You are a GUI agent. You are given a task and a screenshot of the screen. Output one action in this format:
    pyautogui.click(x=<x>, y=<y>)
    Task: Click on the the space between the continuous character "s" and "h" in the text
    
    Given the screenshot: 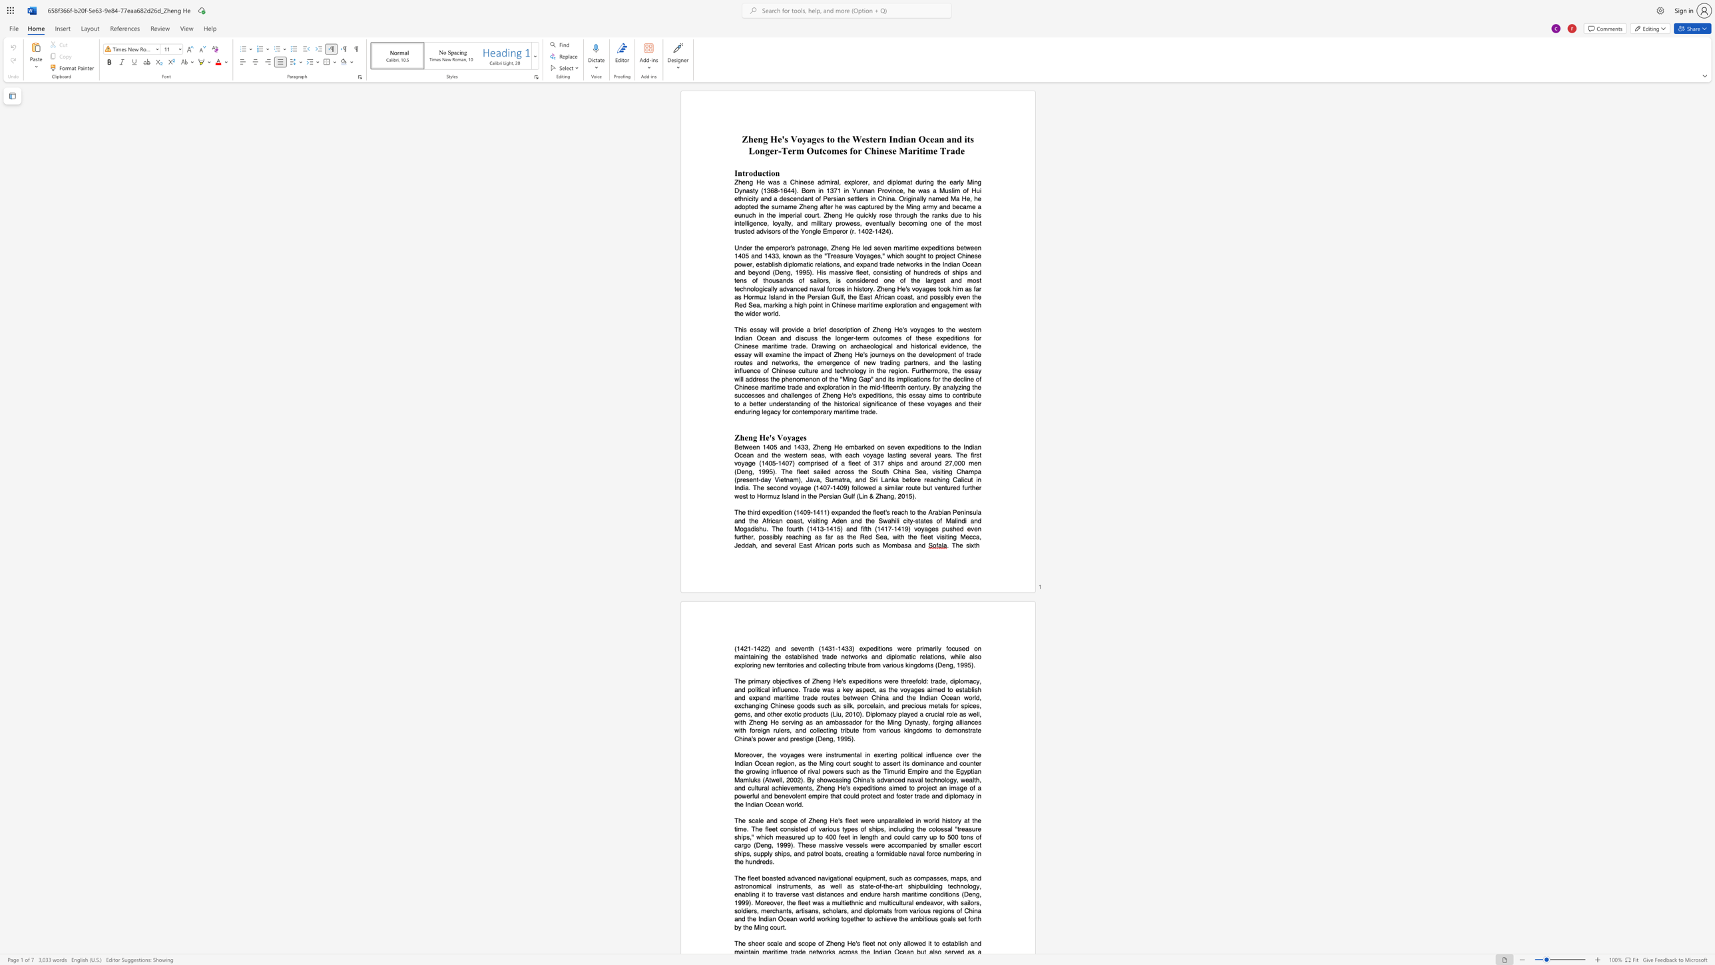 What is the action you would take?
    pyautogui.click(x=751, y=943)
    